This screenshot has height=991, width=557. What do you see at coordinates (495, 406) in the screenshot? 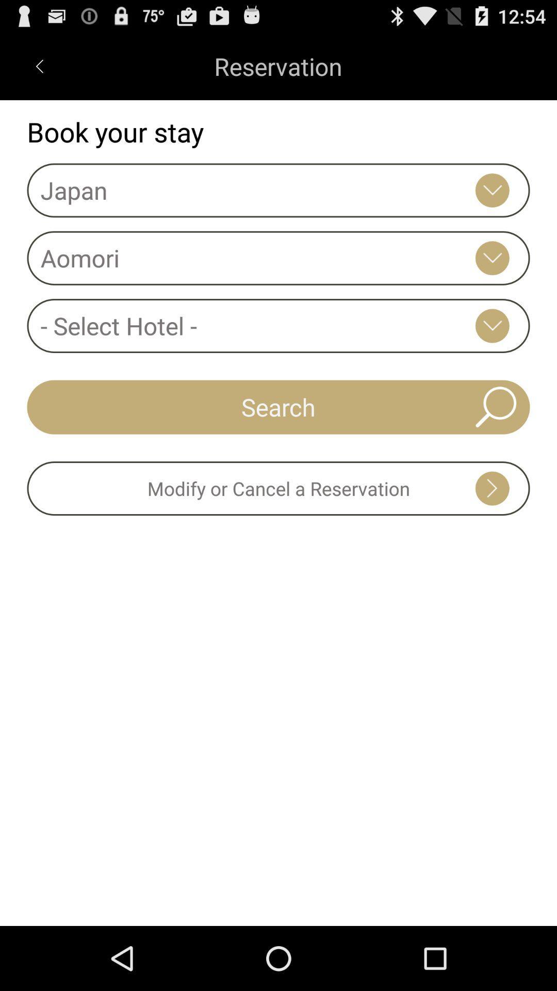
I see `search option` at bounding box center [495, 406].